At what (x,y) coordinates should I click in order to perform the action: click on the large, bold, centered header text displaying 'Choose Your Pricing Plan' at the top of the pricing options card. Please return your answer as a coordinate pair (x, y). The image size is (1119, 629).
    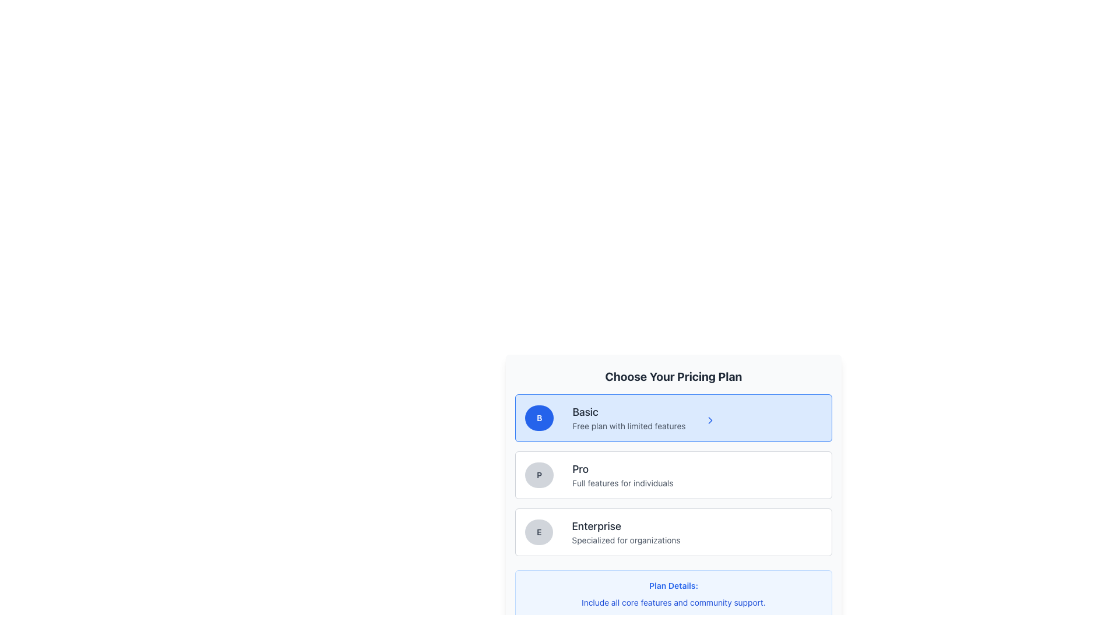
    Looking at the image, I should click on (674, 377).